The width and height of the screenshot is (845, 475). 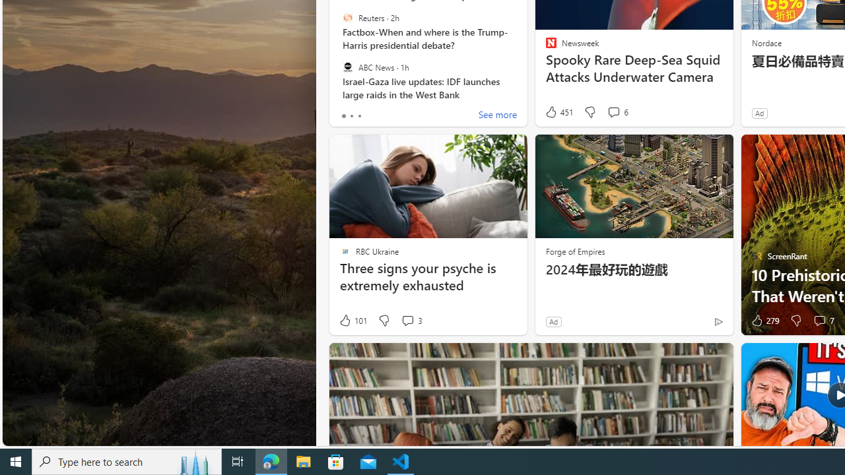 What do you see at coordinates (353, 321) in the screenshot?
I see `'101 Like'` at bounding box center [353, 321].